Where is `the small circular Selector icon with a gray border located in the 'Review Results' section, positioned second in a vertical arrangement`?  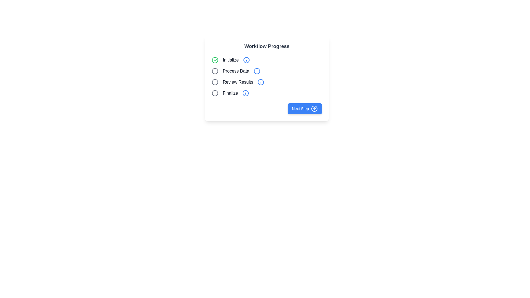
the small circular Selector icon with a gray border located in the 'Review Results' section, positioned second in a vertical arrangement is located at coordinates (214, 82).